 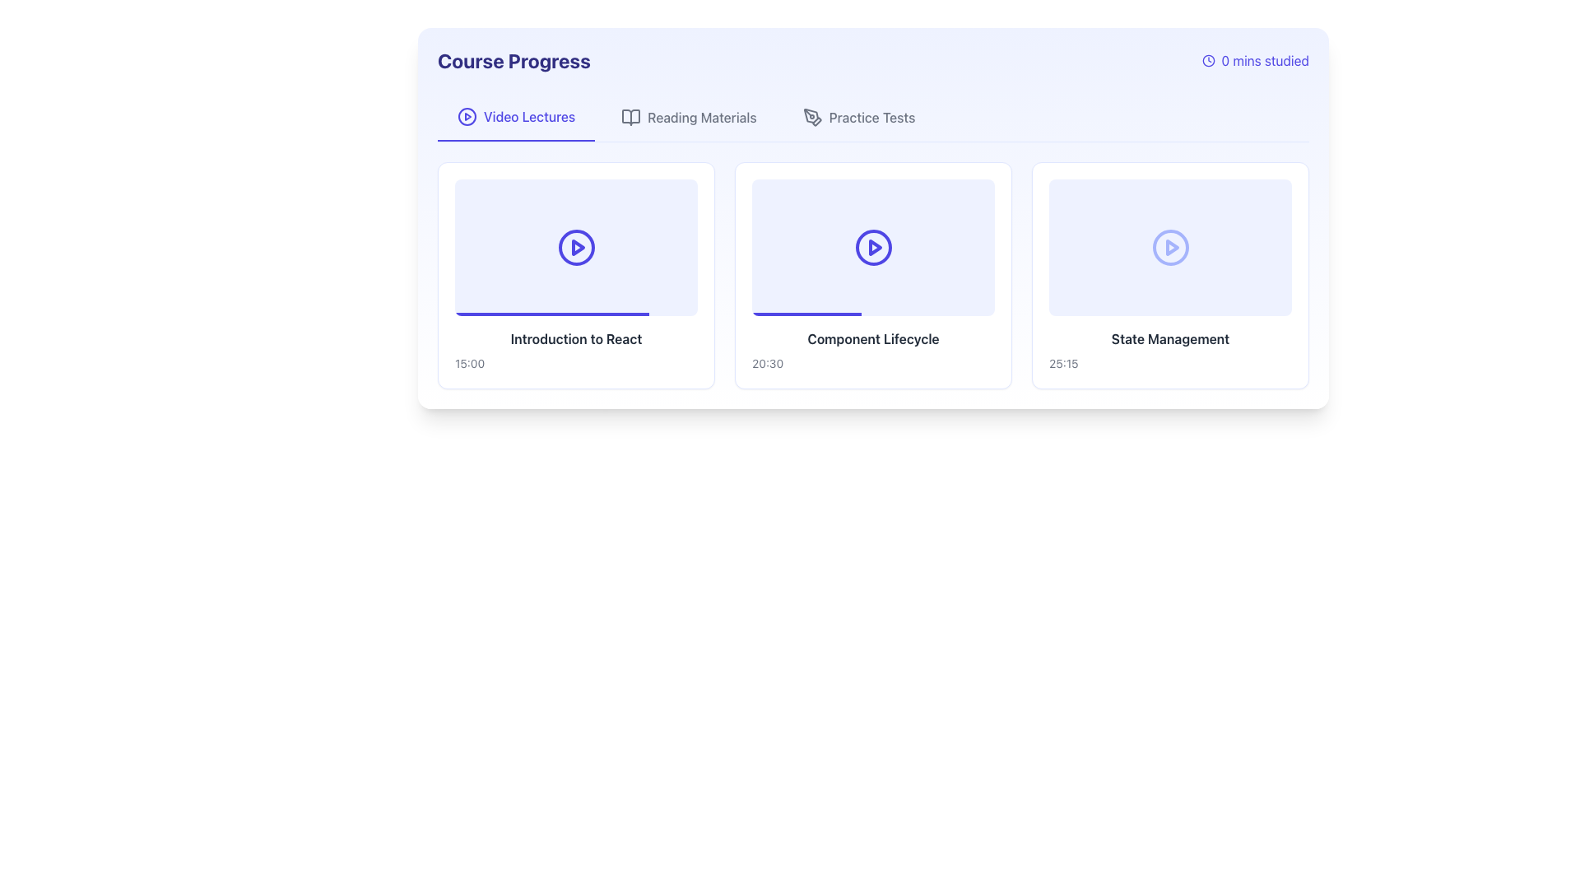 I want to click on the play button on the Video module tile titled 'Introduction to React', so click(x=576, y=275).